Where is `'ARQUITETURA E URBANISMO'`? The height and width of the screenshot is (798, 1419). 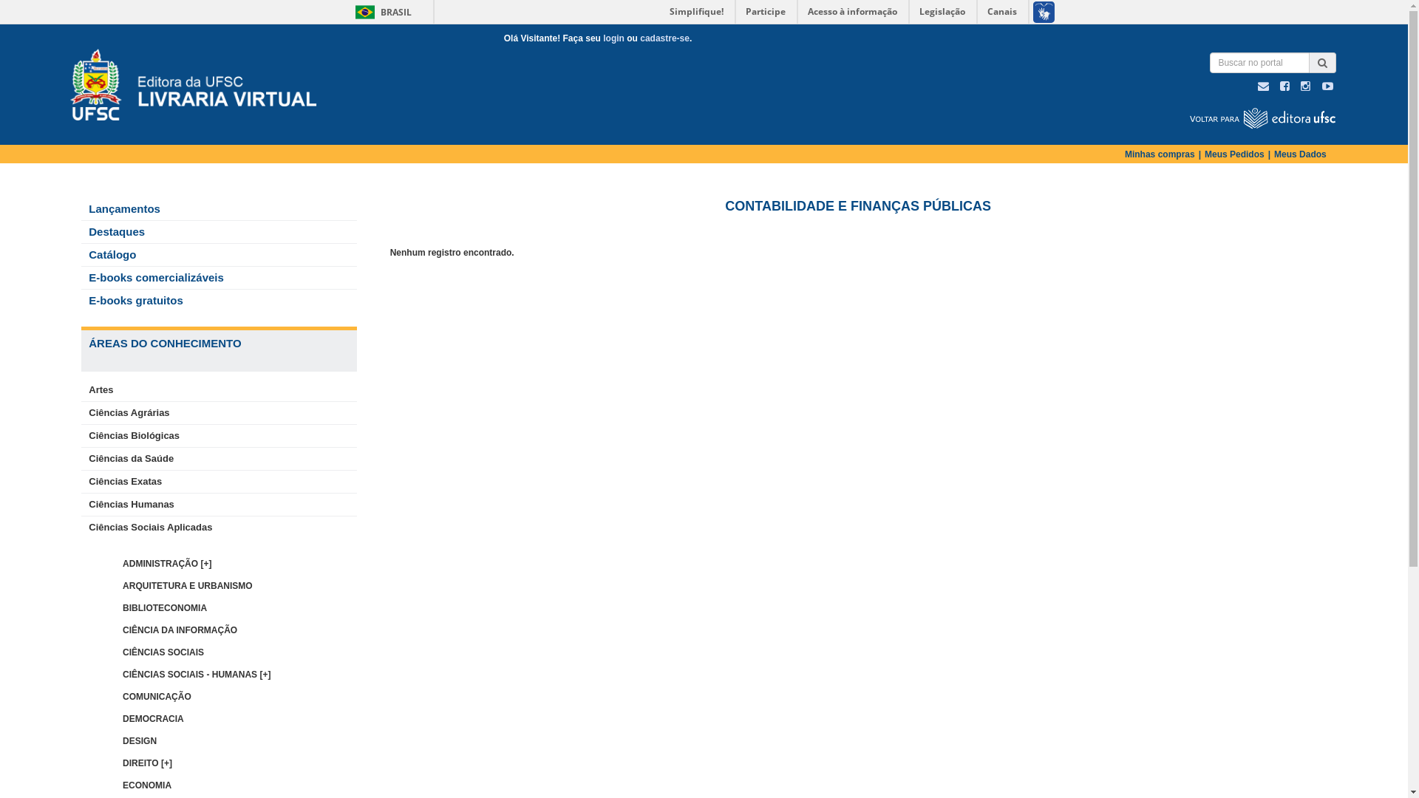 'ARQUITETURA E URBANISMO' is located at coordinates (187, 585).